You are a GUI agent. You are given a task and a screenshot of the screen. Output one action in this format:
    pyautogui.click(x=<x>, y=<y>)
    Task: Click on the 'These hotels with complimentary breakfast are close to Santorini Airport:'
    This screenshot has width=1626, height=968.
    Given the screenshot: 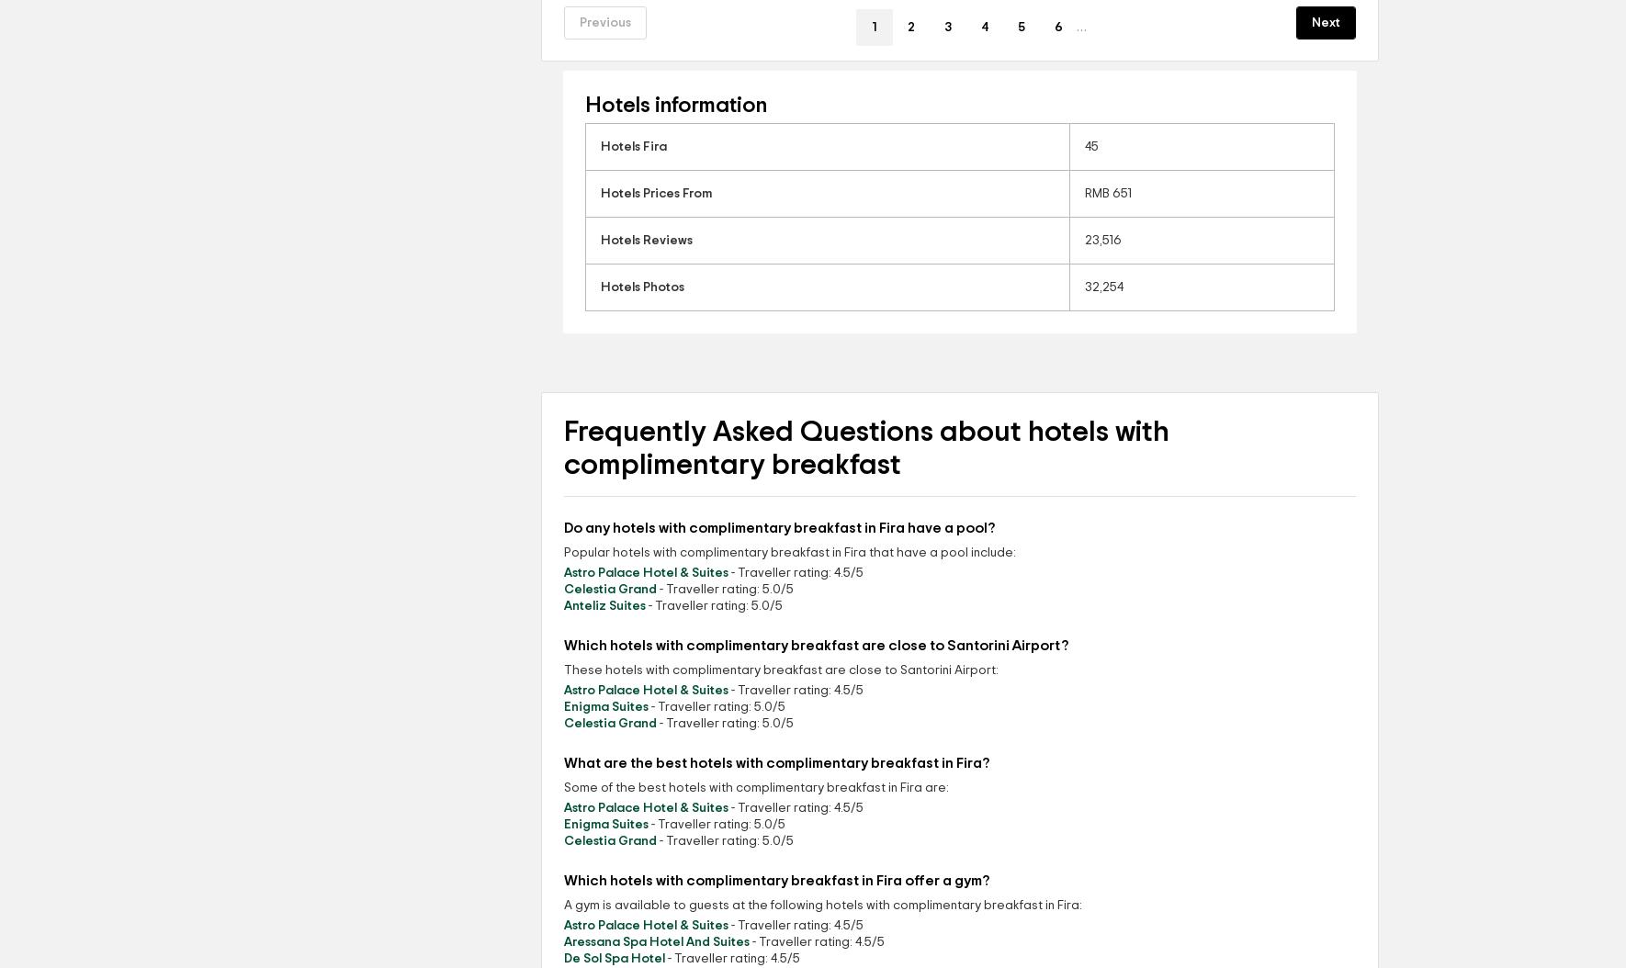 What is the action you would take?
    pyautogui.click(x=781, y=670)
    